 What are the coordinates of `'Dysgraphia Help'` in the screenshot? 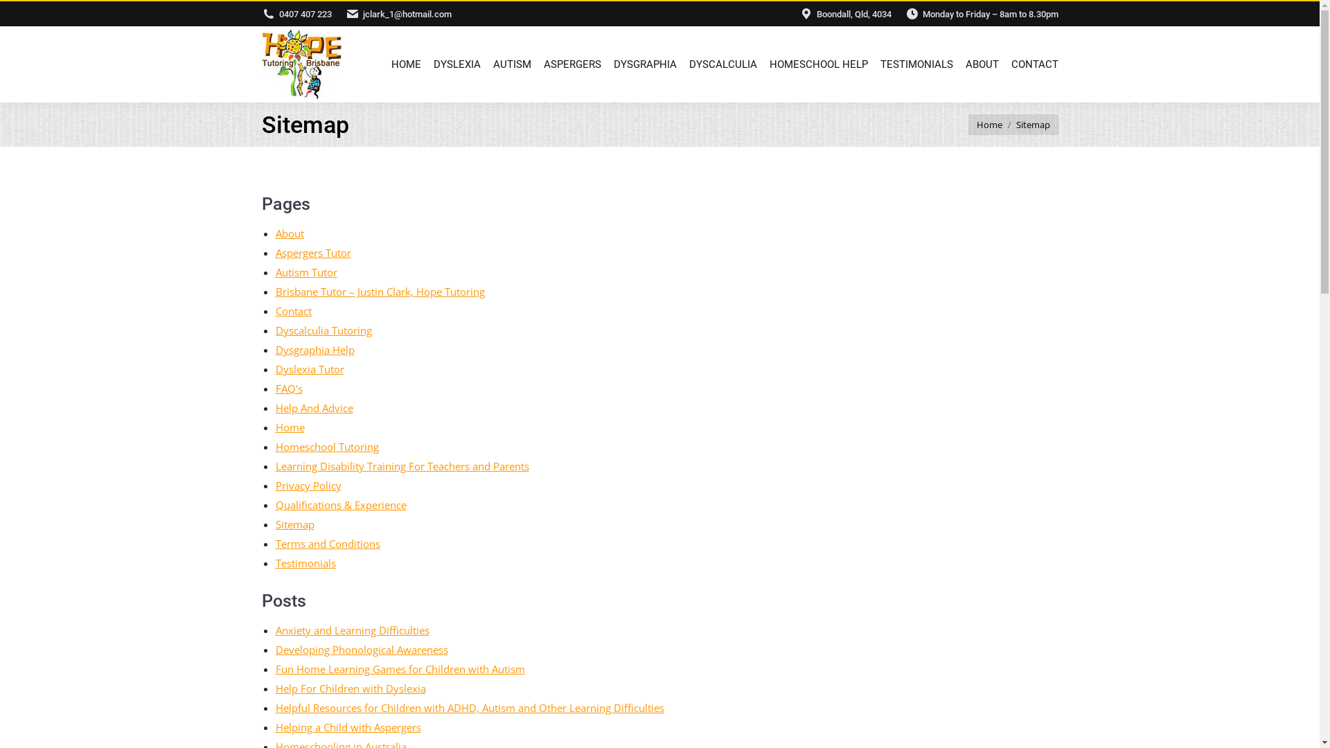 It's located at (314, 349).